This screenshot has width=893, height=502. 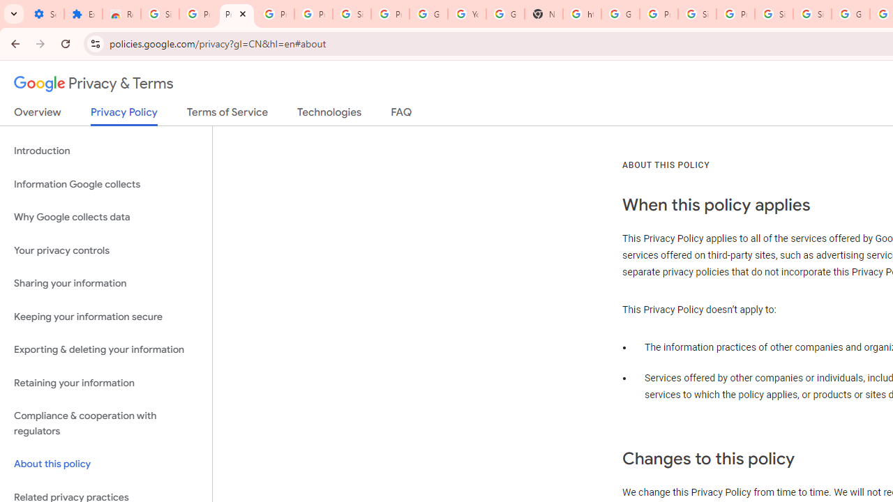 I want to click on 'https://scholar.google.com/', so click(x=581, y=14).